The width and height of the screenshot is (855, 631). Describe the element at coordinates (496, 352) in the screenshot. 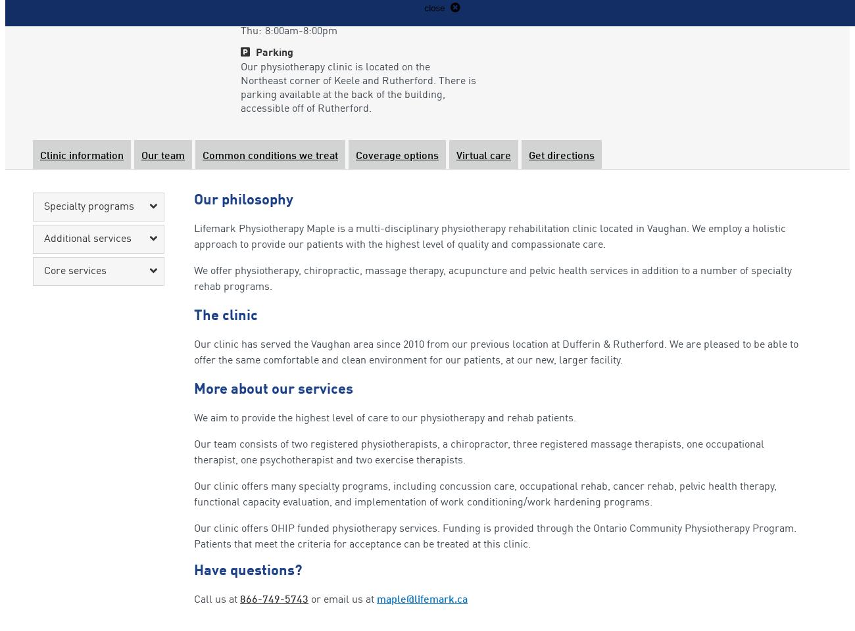

I see `'Our clinic has served the Vaughan area since 2010 from our previous location at Dufferin & Rutherford. We are pleased to be able to offer the same comfortable and clean environment for our patients, at our new, larger facility.'` at that location.